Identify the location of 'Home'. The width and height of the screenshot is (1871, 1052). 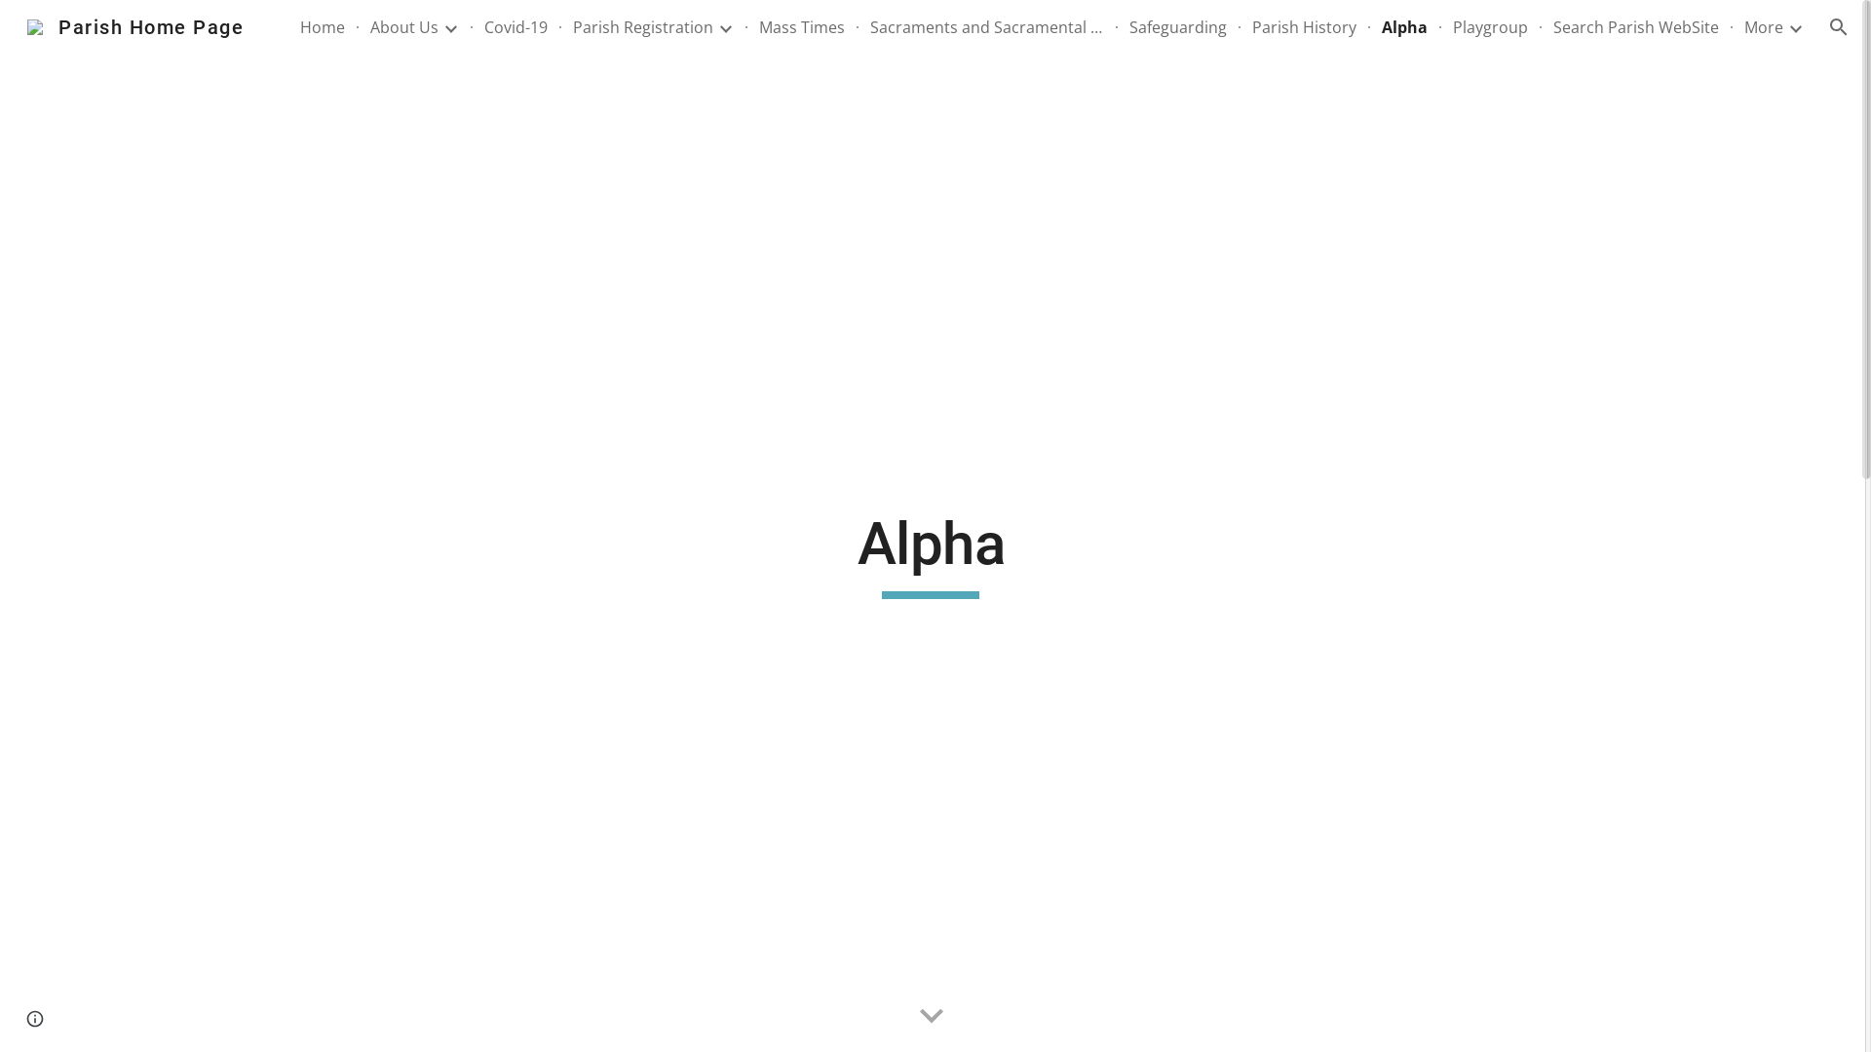
(323, 26).